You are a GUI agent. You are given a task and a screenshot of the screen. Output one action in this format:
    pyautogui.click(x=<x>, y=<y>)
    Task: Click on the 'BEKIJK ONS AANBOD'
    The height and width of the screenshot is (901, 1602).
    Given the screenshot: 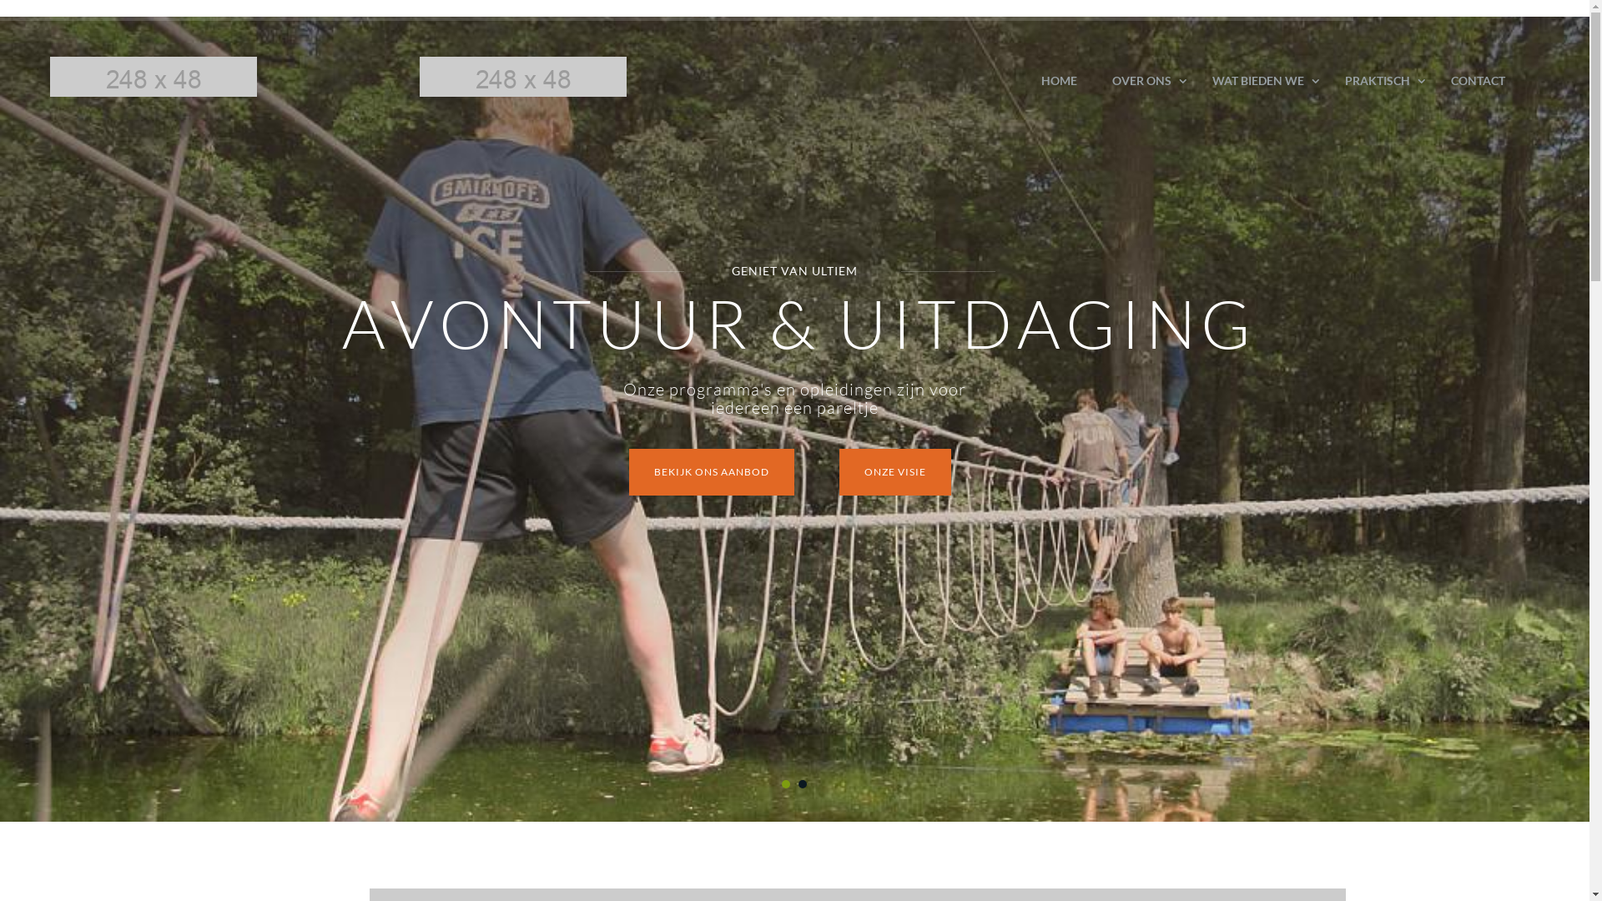 What is the action you would take?
    pyautogui.click(x=712, y=471)
    